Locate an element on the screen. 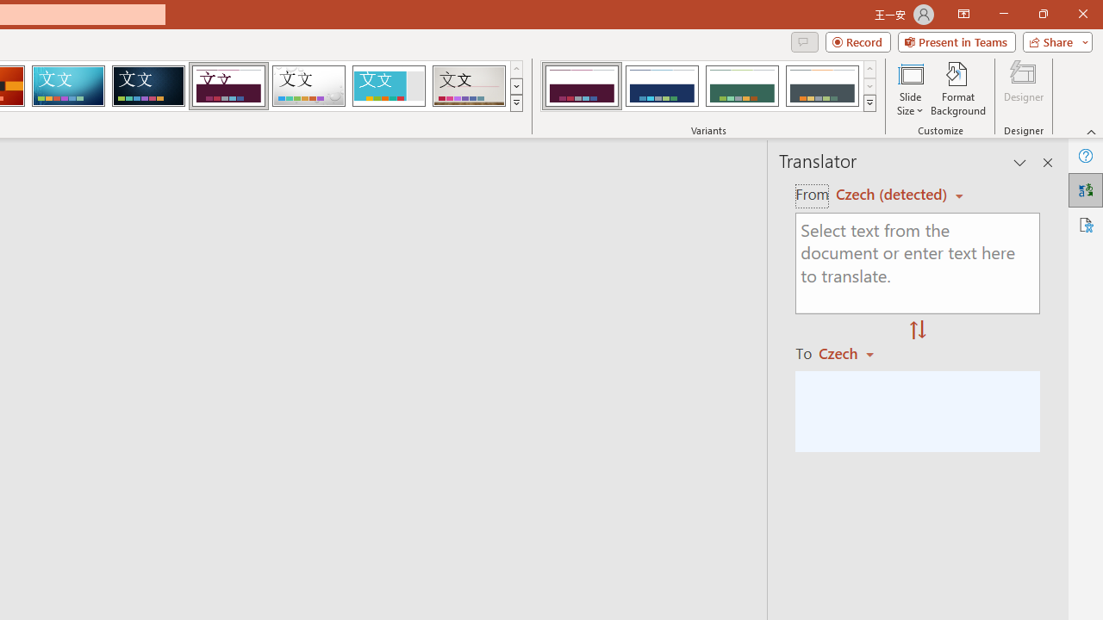 The width and height of the screenshot is (1103, 620). 'Format Background' is located at coordinates (957, 89).